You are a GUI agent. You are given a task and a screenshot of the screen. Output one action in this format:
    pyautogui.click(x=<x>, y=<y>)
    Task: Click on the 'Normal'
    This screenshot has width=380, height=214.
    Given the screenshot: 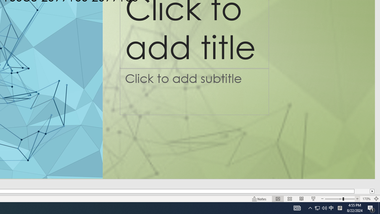 What is the action you would take?
    pyautogui.click(x=278, y=199)
    